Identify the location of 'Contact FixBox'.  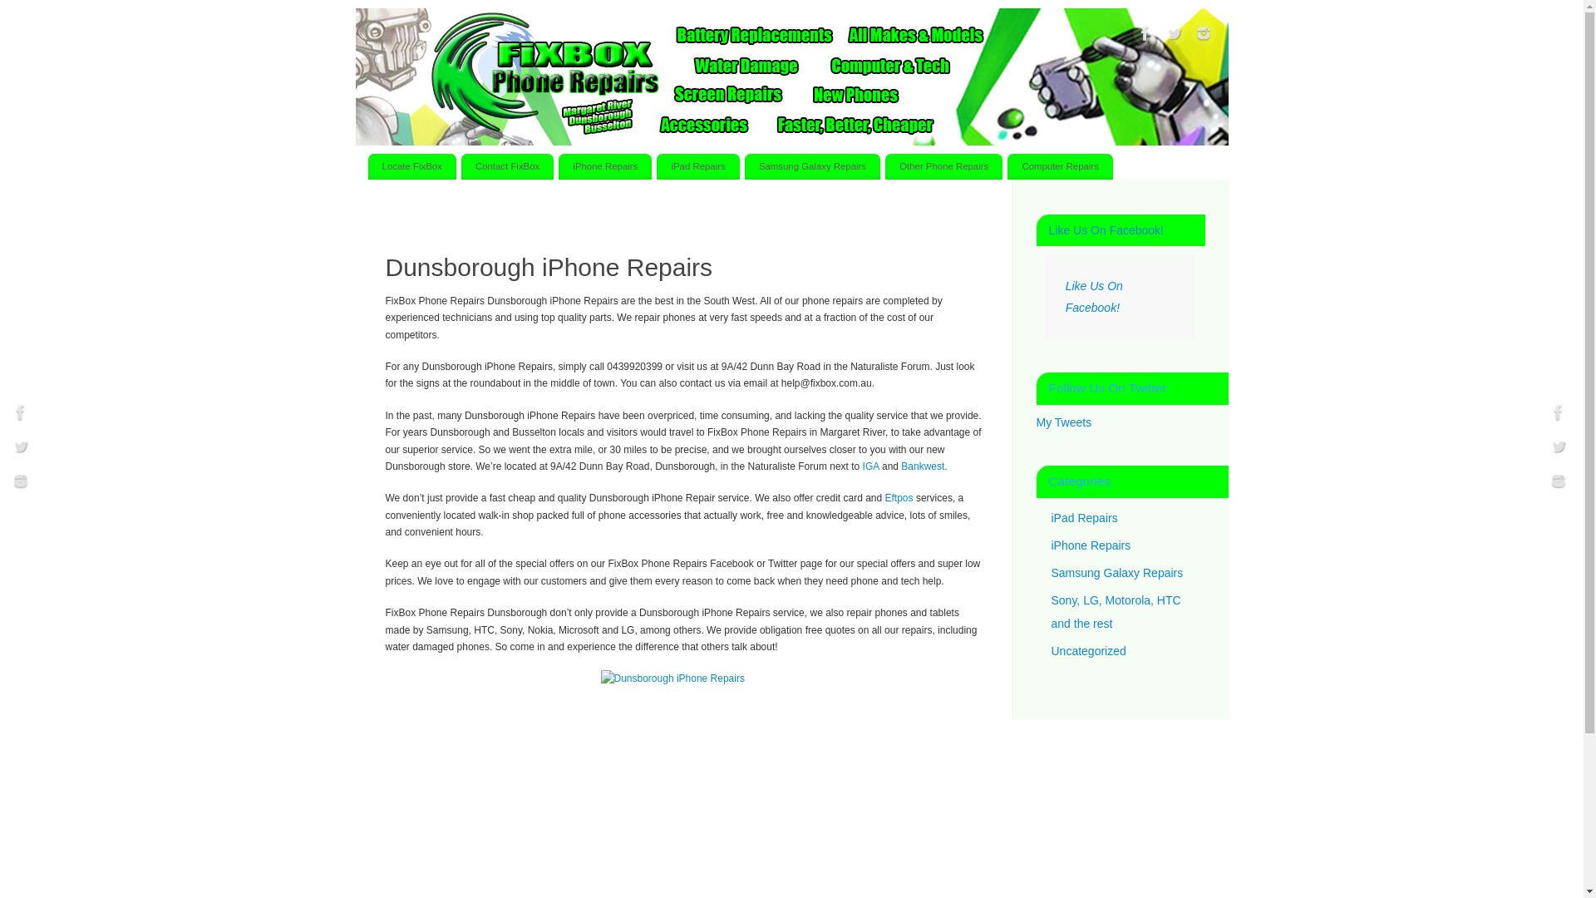
(506, 166).